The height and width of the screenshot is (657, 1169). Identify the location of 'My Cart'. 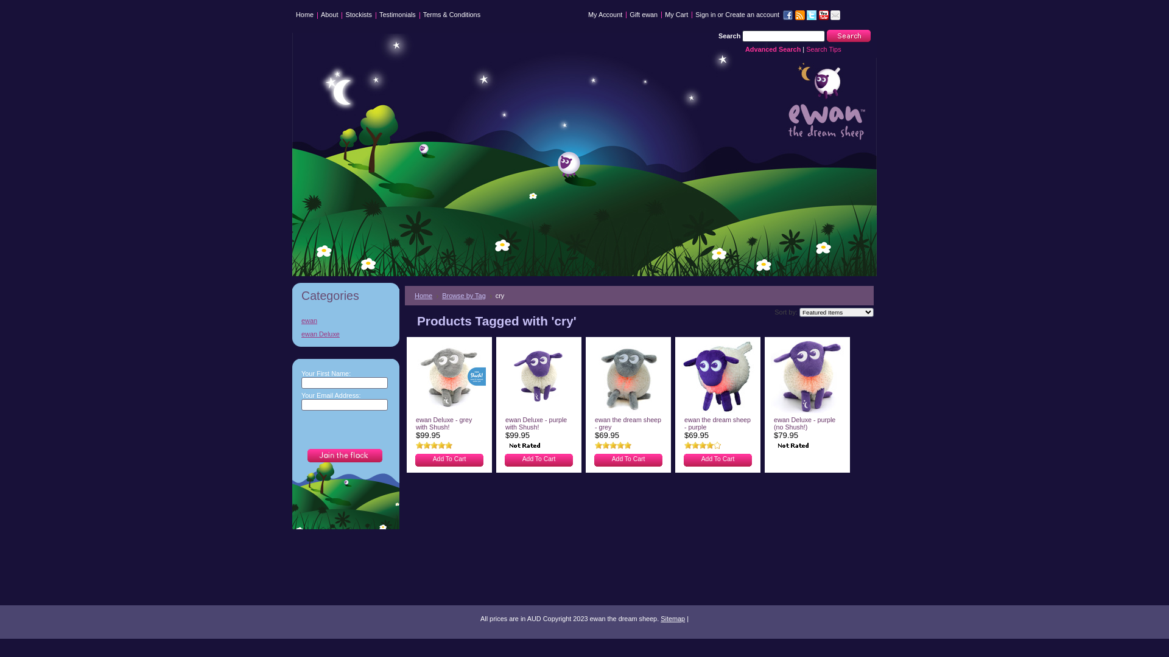
(675, 14).